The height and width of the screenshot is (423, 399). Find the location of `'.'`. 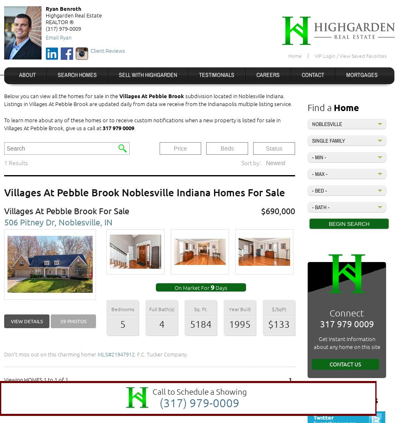

'.' is located at coordinates (135, 128).